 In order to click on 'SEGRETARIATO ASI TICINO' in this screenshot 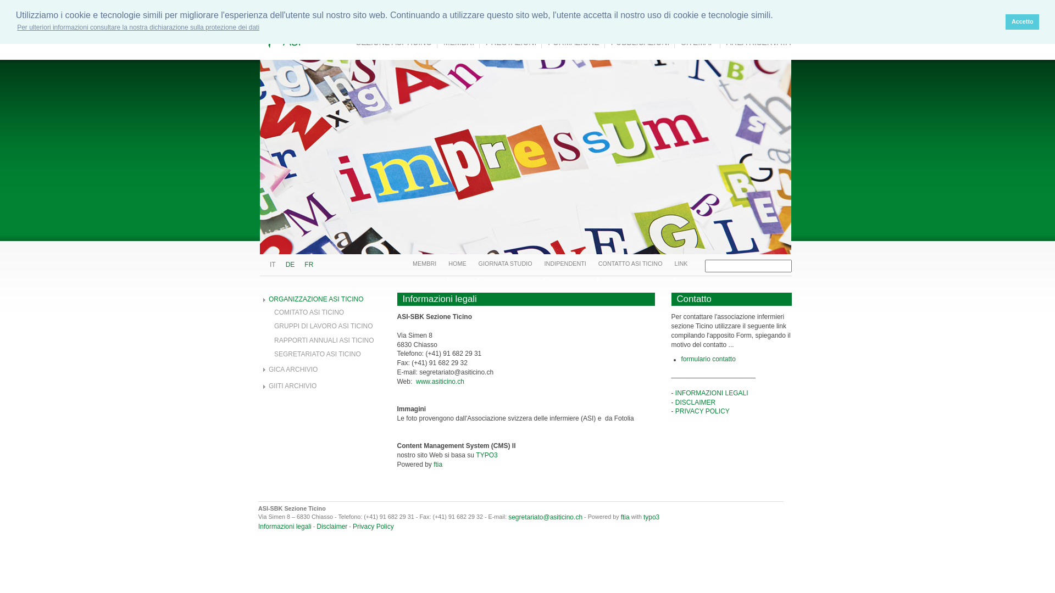, I will do `click(316, 354)`.